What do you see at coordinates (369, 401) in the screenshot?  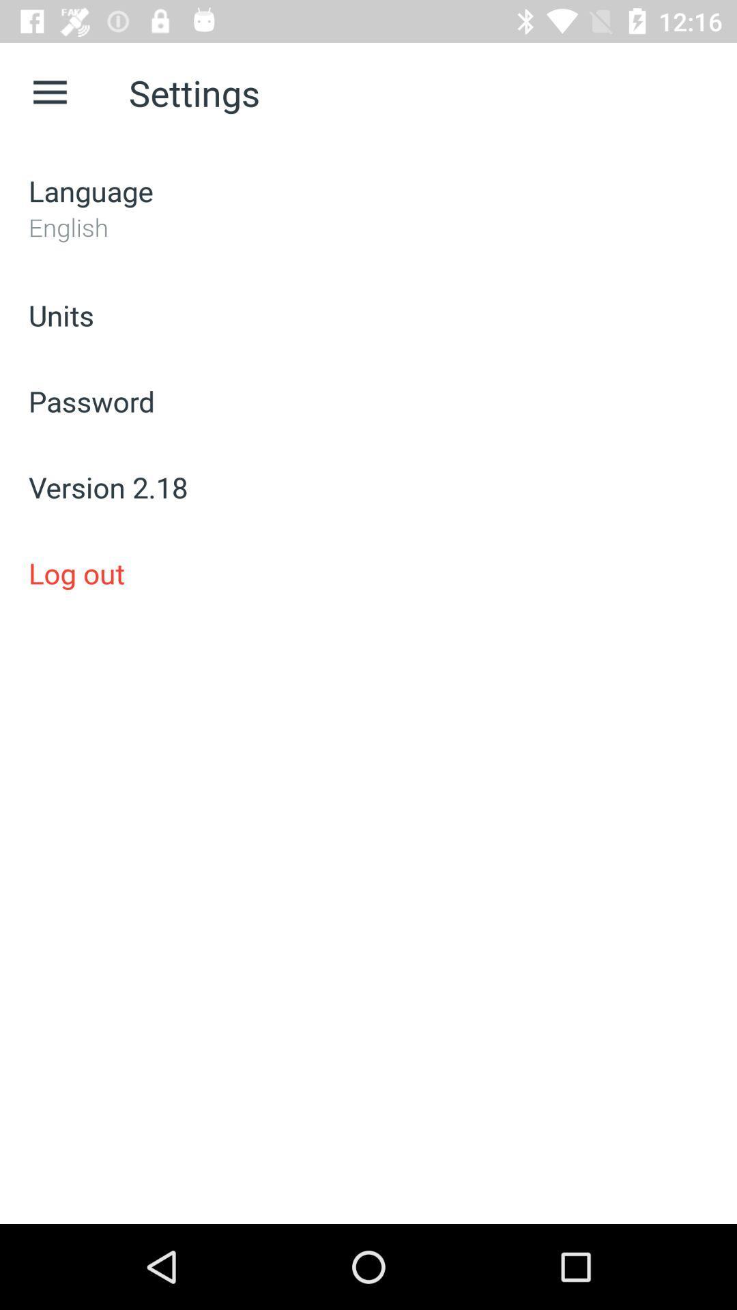 I see `icon below the units` at bounding box center [369, 401].